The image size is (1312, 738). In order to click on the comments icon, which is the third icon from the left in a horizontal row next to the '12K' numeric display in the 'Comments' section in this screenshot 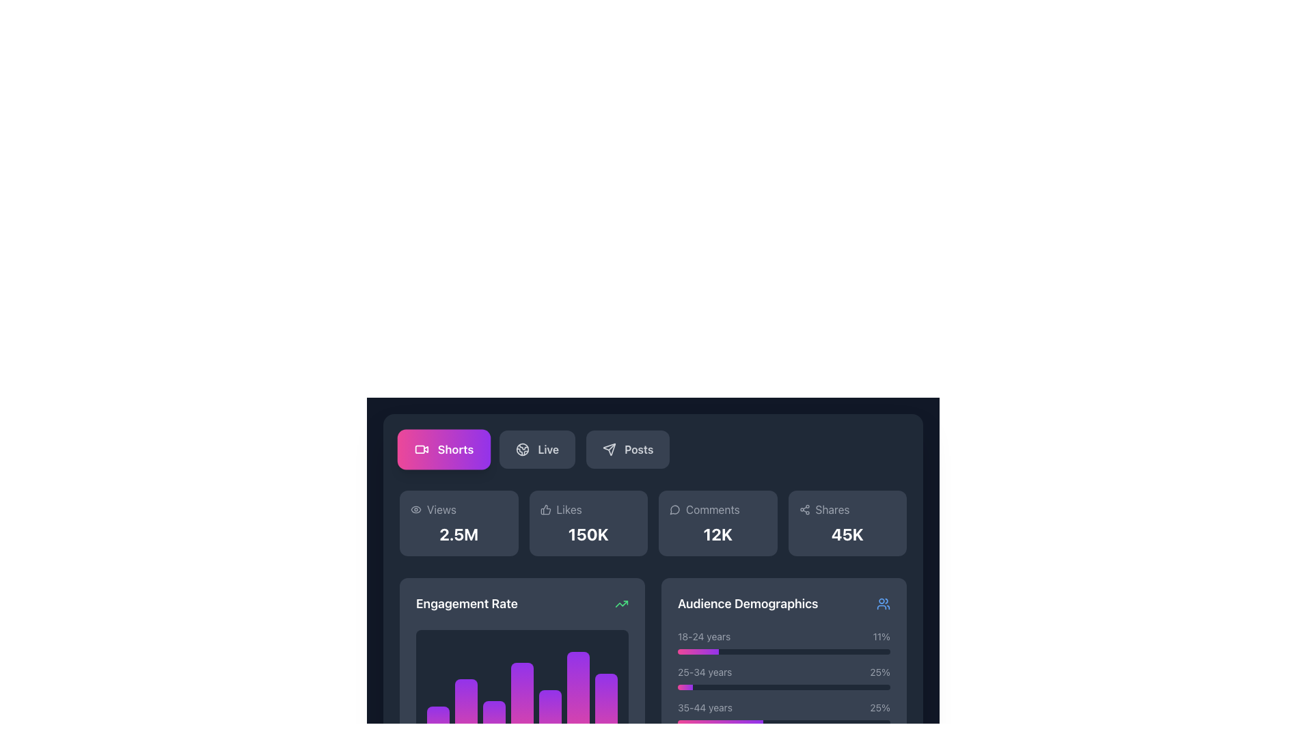, I will do `click(674, 510)`.